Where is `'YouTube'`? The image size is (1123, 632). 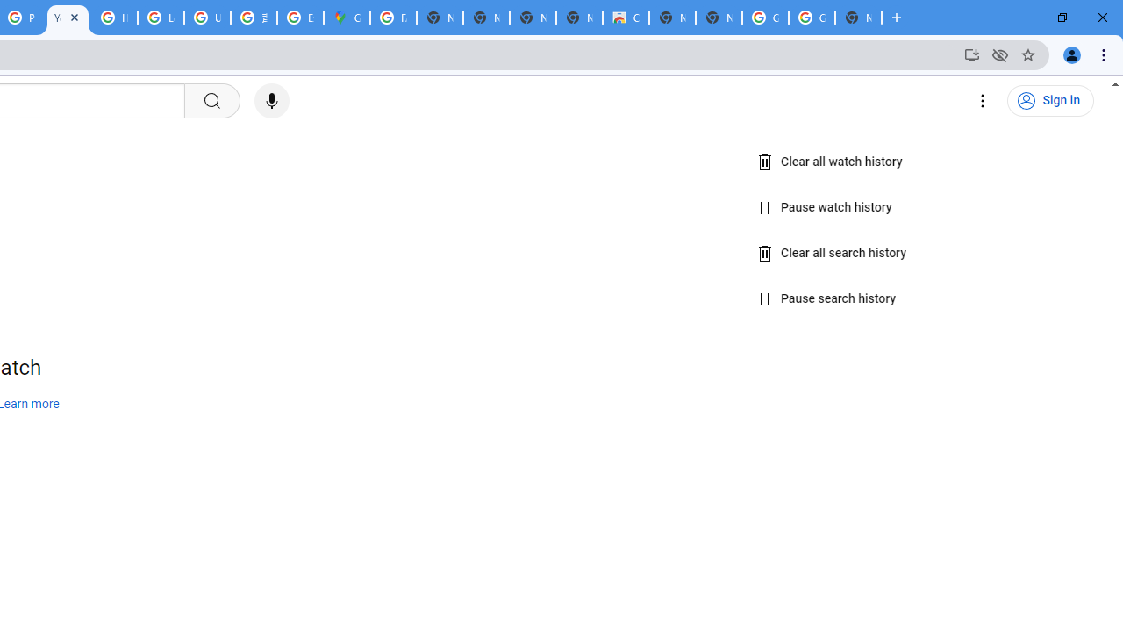
'YouTube' is located at coordinates (68, 18).